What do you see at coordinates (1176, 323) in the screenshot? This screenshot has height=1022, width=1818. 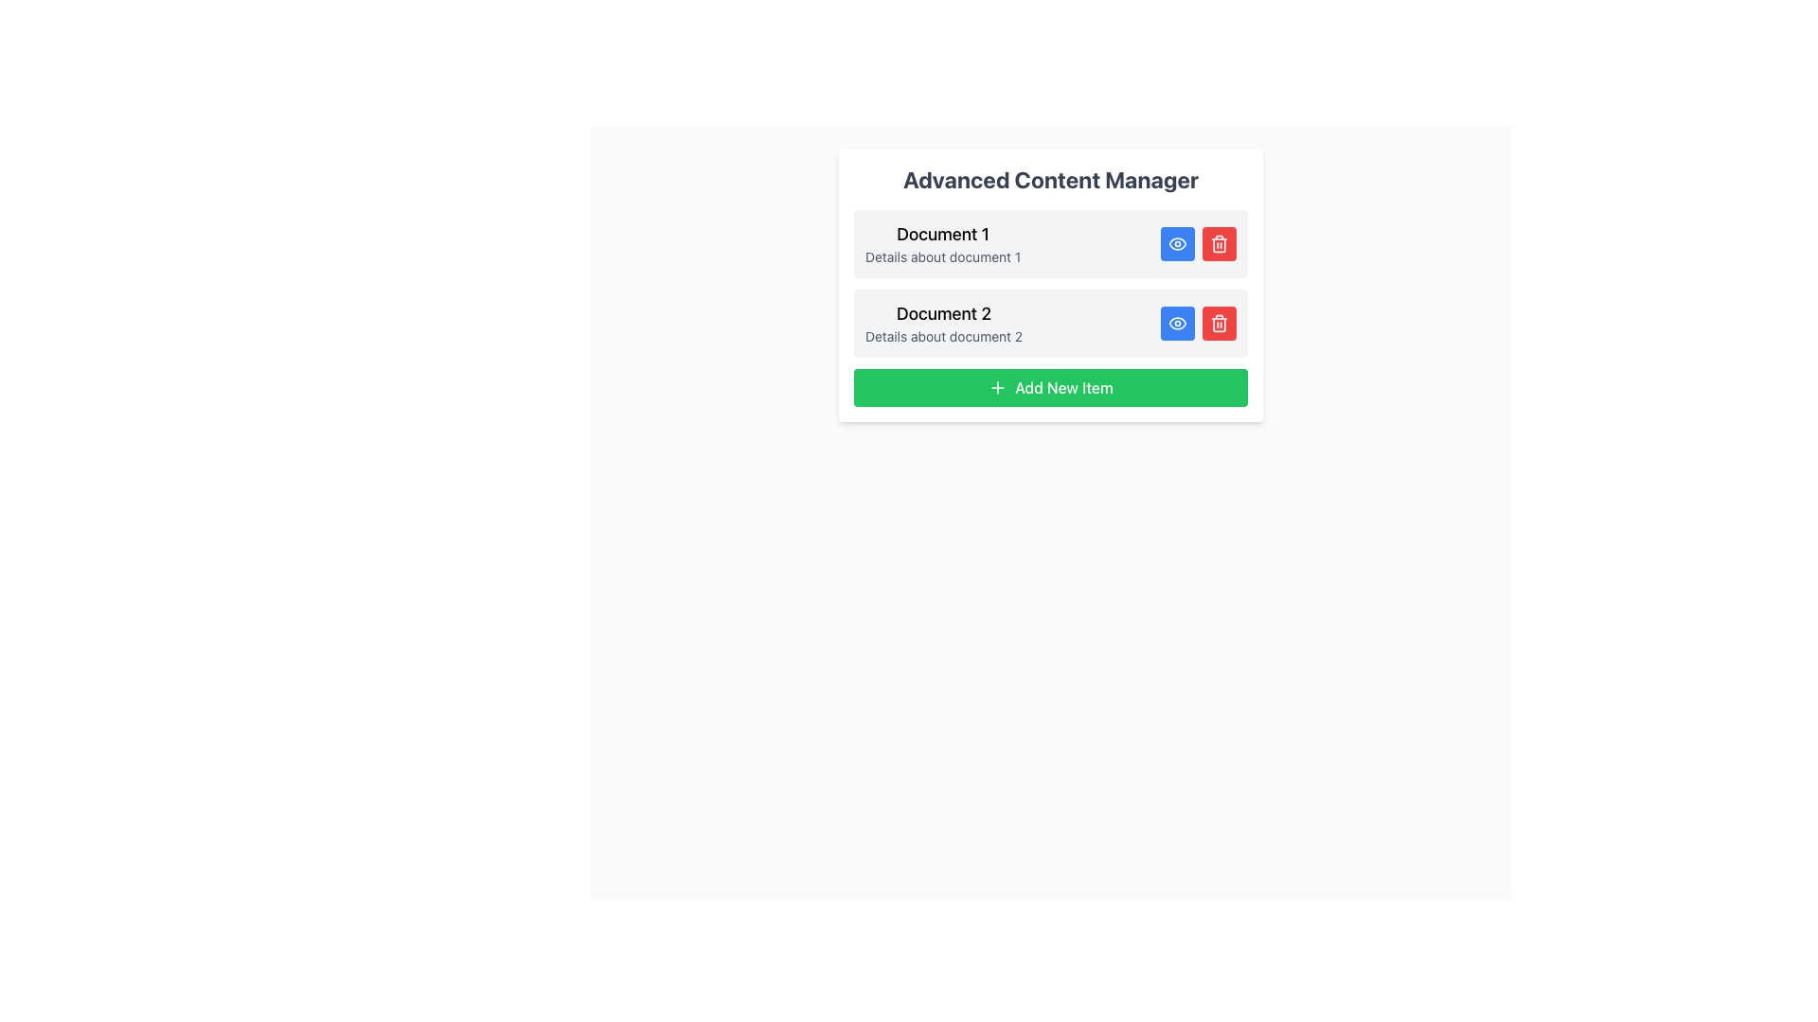 I see `the second blue button in the actions column associated with 'Document 2'` at bounding box center [1176, 323].